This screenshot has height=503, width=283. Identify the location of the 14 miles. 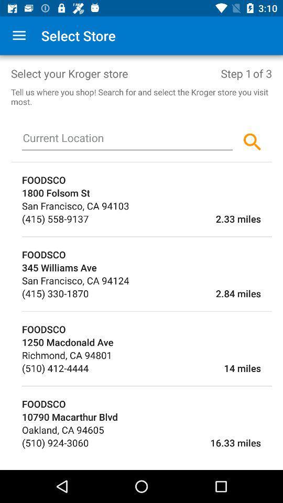
(175, 368).